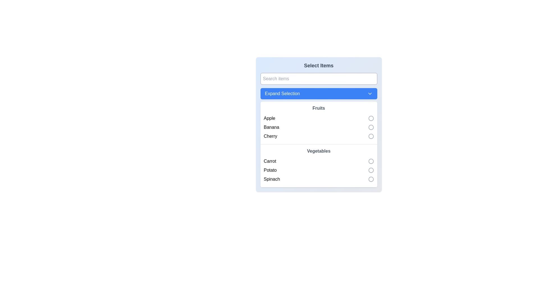 This screenshot has height=303, width=539. What do you see at coordinates (370, 93) in the screenshot?
I see `the chevron icon located at the rightmost end of the 'Expand Selection' button` at bounding box center [370, 93].